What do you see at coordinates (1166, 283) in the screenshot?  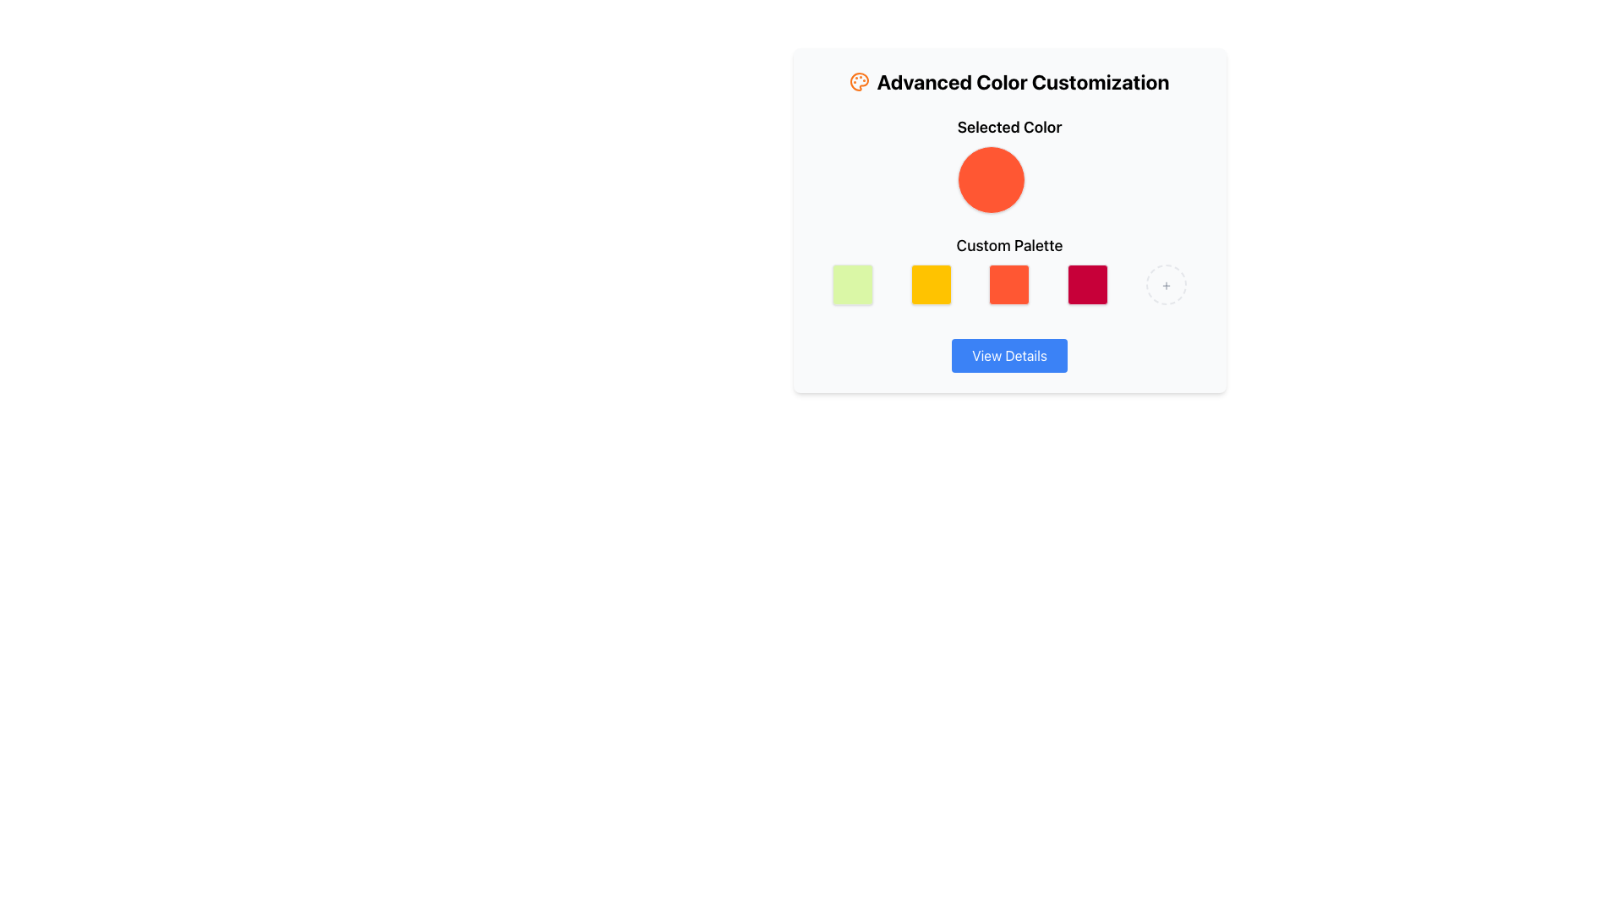 I see `the fifth button in the 'Custom Palette' interface` at bounding box center [1166, 283].